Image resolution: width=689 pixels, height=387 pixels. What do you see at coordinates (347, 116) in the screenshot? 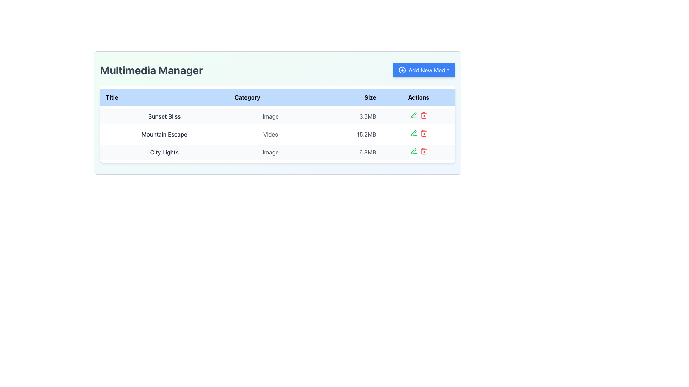
I see `text display showing the file size '3.5MB' for the 'Sunset Bliss' content located in the 'Size' column of the first row in the data table` at bounding box center [347, 116].